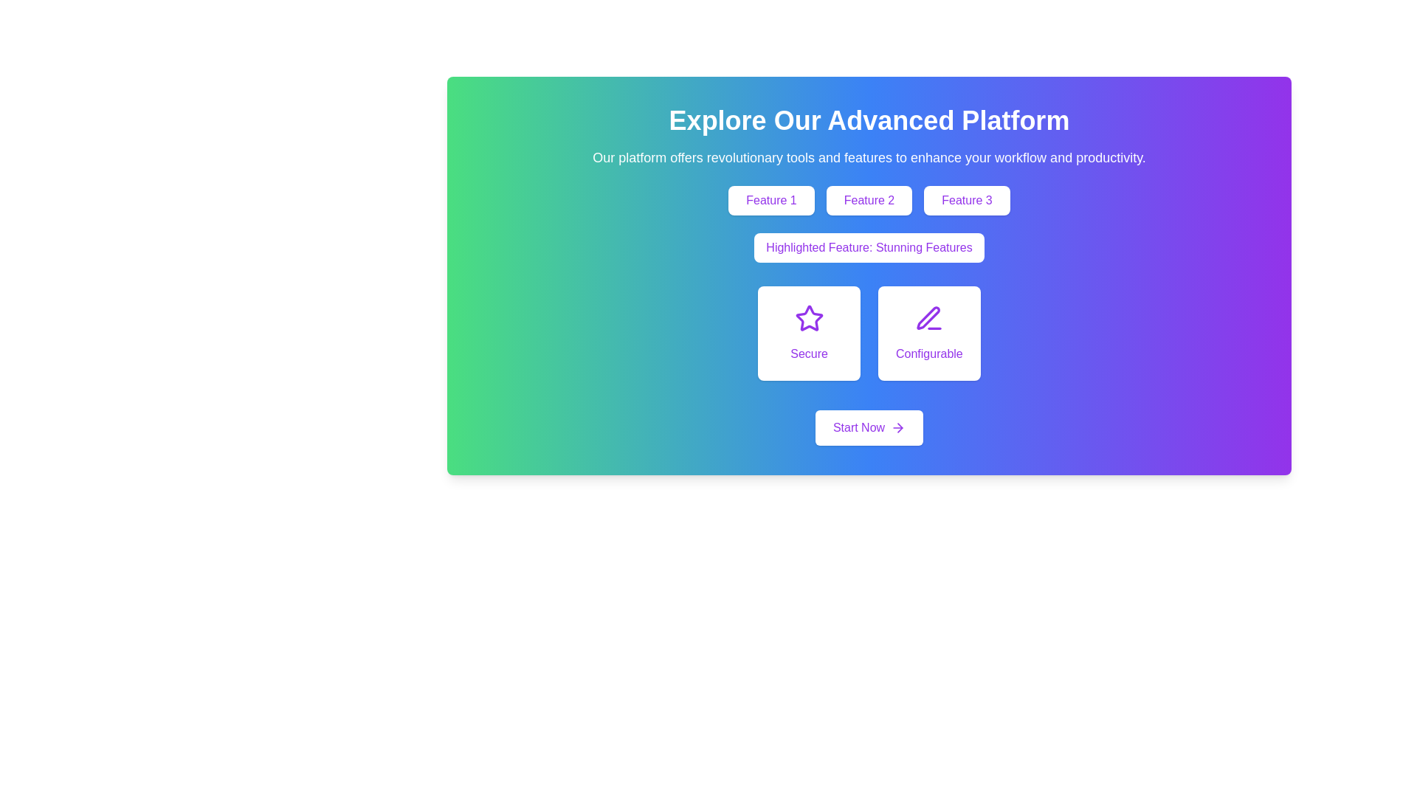  I want to click on the purple arrow-like graphical icon located within the SVG group that follows the 'Start Now' text at the bottom center of the interface, so click(899, 427).